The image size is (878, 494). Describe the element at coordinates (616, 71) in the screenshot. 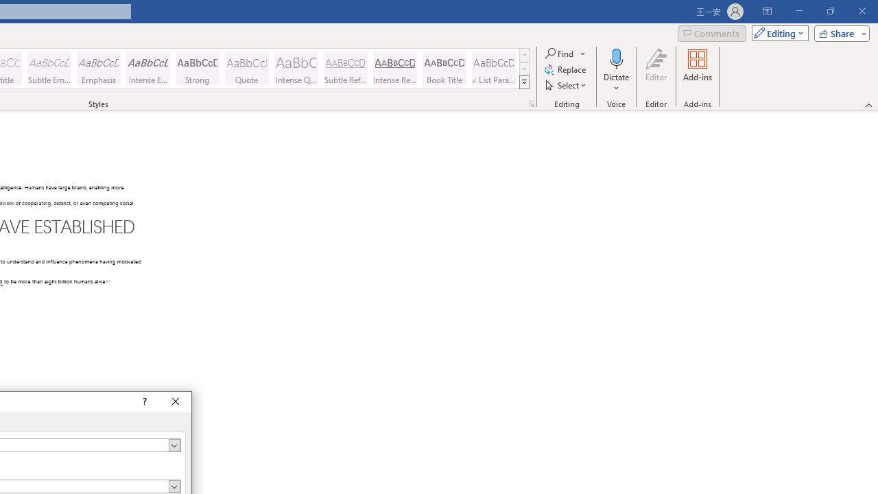

I see `'Dictate'` at that location.